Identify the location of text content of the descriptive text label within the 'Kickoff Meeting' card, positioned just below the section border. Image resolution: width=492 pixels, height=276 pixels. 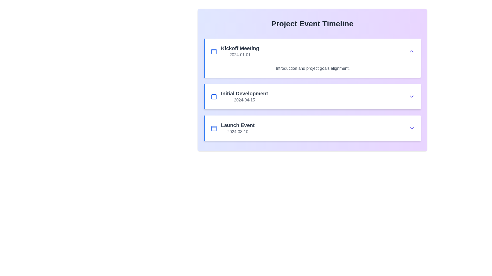
(312, 68).